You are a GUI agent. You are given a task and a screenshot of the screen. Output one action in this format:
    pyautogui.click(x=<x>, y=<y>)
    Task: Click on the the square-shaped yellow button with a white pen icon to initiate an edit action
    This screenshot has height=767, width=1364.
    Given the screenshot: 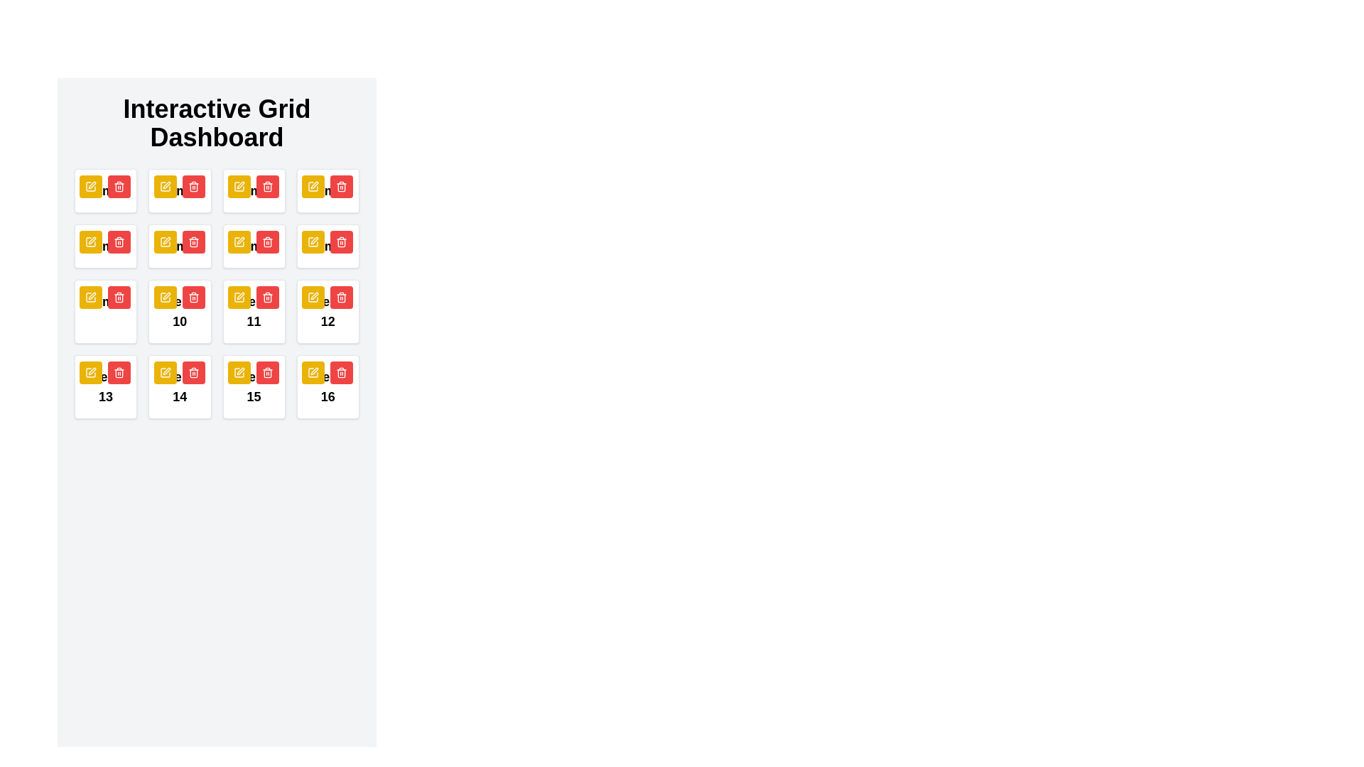 What is the action you would take?
    pyautogui.click(x=239, y=185)
    